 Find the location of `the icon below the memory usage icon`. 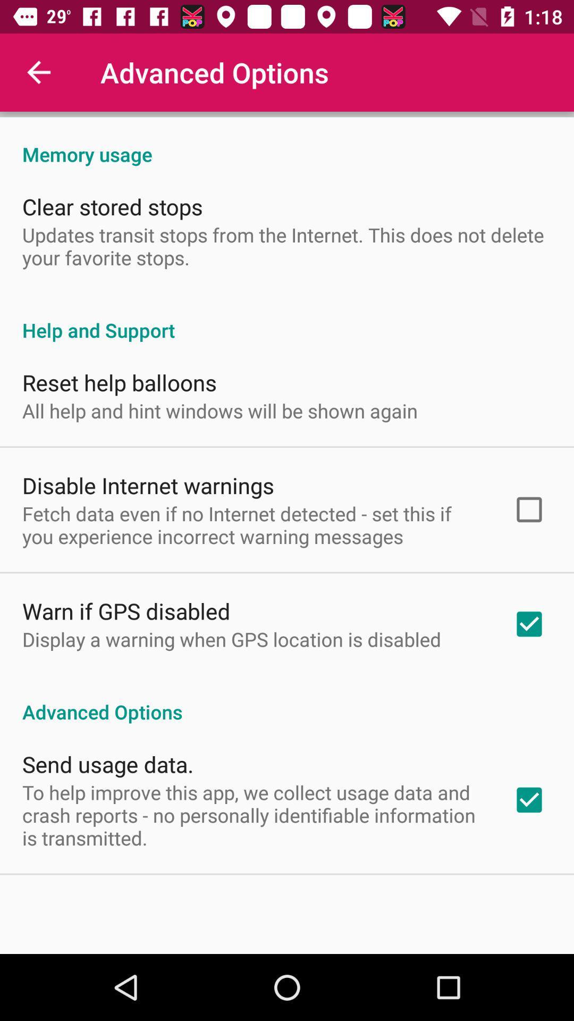

the icon below the memory usage icon is located at coordinates (112, 206).